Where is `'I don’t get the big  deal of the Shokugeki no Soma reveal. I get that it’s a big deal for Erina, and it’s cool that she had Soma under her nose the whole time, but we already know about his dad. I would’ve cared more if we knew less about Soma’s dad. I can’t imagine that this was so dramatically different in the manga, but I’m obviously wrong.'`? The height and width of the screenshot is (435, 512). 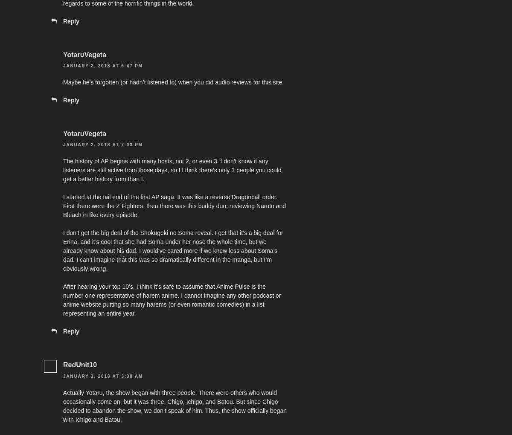 'I don’t get the big  deal of the Shokugeki no Soma reveal. I get that it’s a big deal for Erina, and it’s cool that she had Soma under her nose the whole time, but we already know about his dad. I would’ve cared more if we knew less about Soma’s dad. I can’t imagine that this was so dramatically different in the manga, but I’m obviously wrong.' is located at coordinates (173, 251).